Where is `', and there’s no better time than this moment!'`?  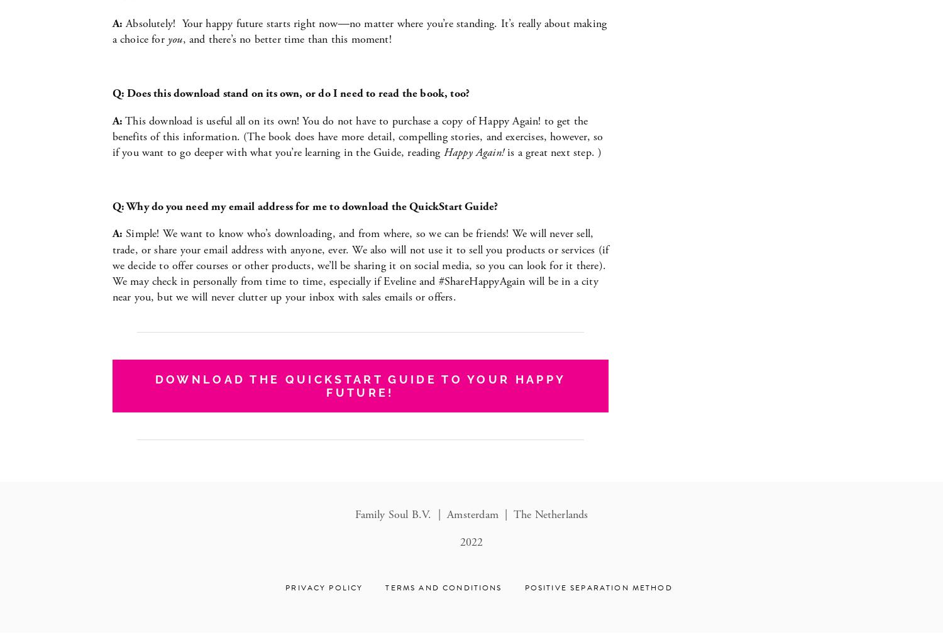
', and there’s no better time than this moment!' is located at coordinates (182, 38).